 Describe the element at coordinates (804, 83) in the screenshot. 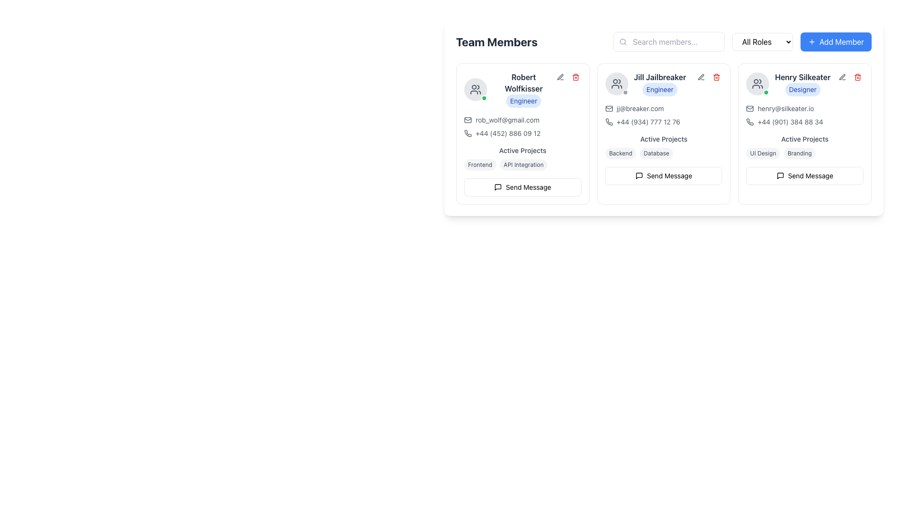

I see `the blue badge labeled 'Designer' in the Profile Header Section for more info` at that location.